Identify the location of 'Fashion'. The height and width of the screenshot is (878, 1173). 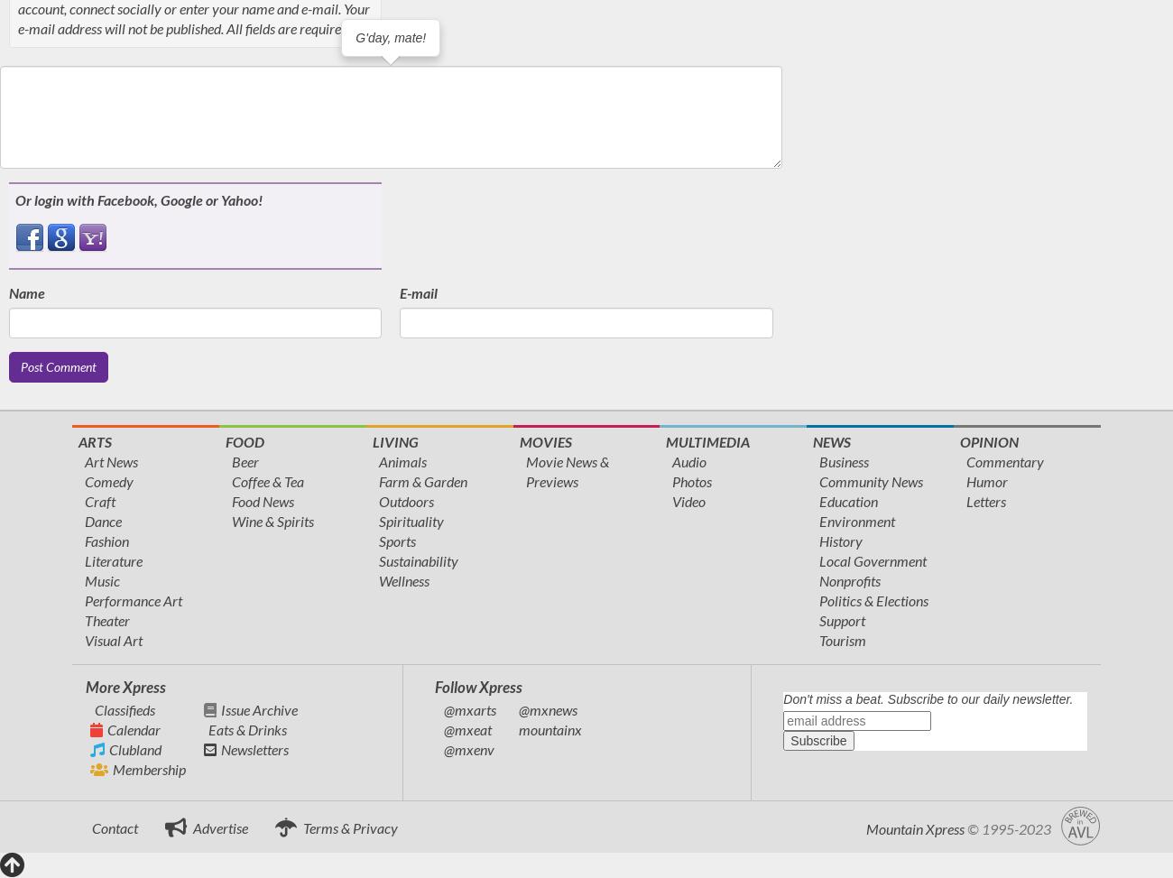
(106, 540).